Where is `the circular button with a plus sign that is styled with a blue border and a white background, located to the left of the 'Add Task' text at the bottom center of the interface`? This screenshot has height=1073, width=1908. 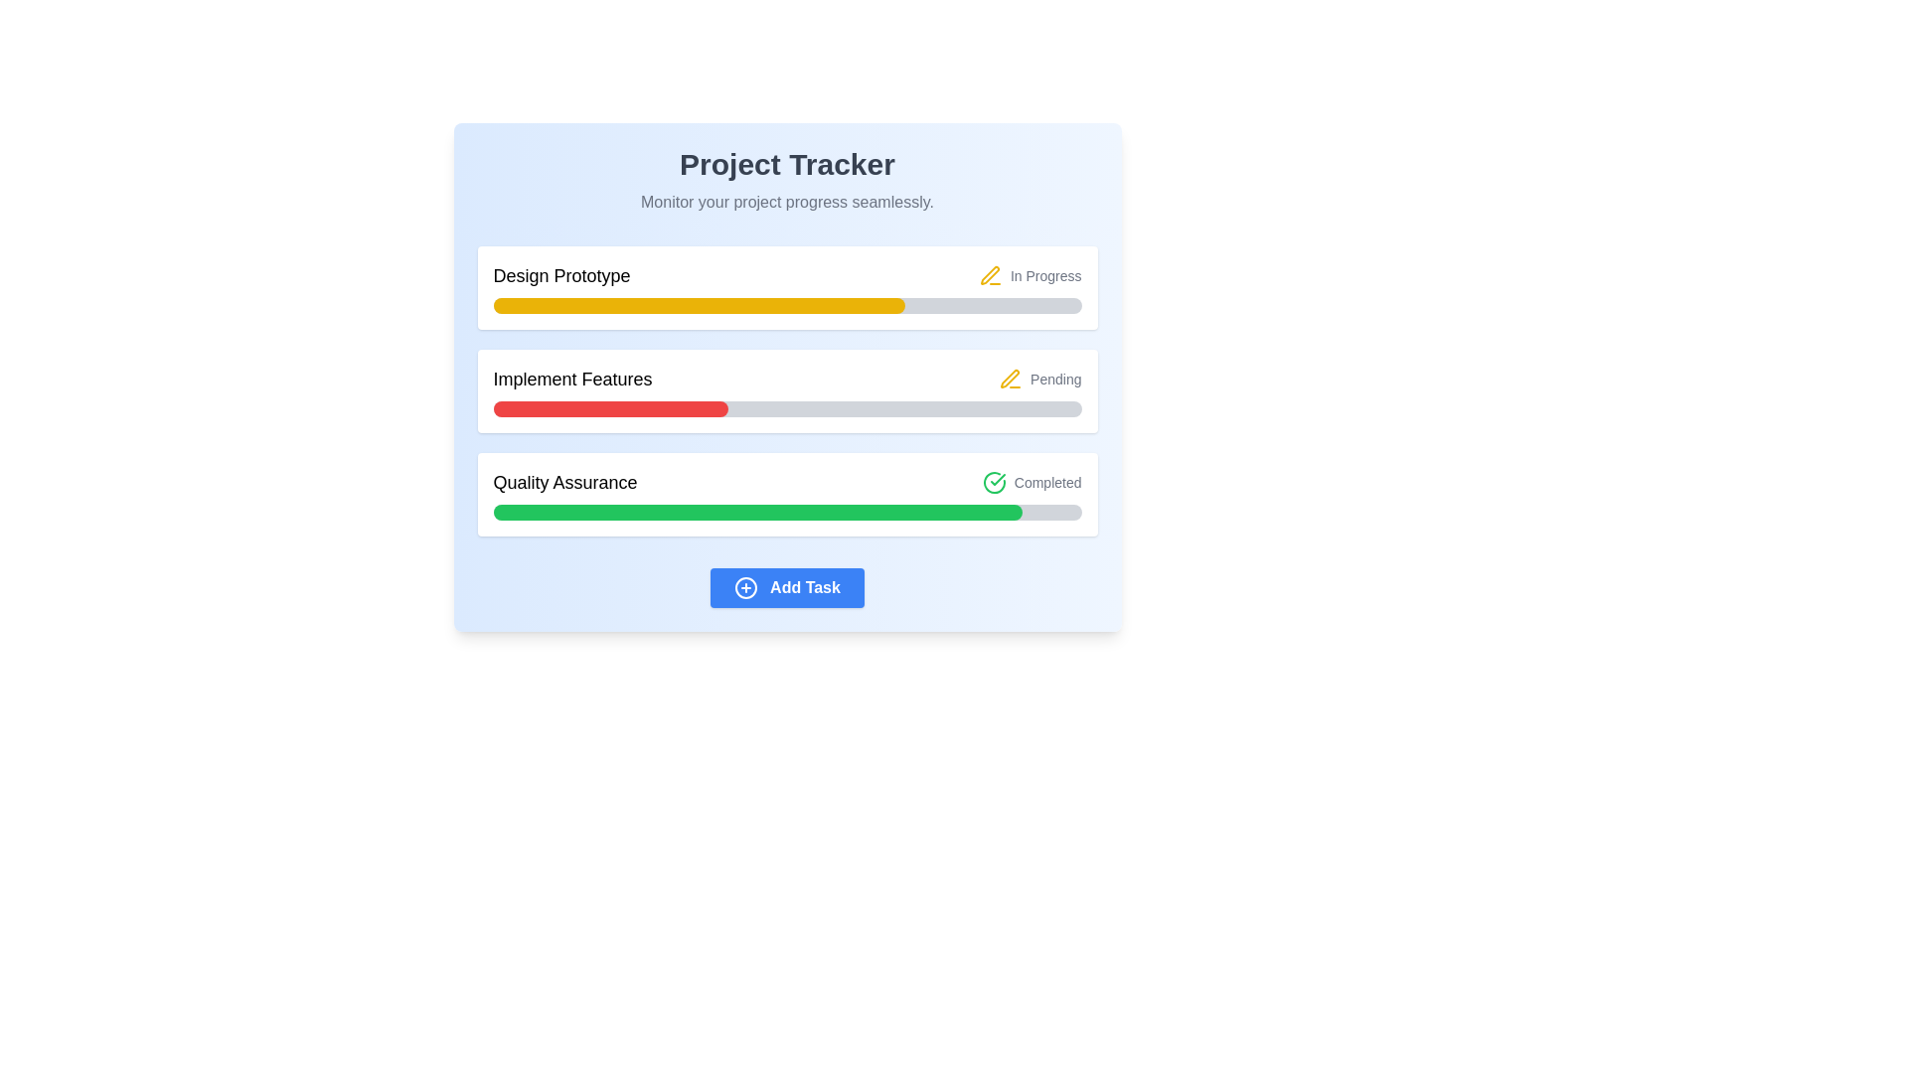
the circular button with a plus sign that is styled with a blue border and a white background, located to the left of the 'Add Task' text at the bottom center of the interface is located at coordinates (745, 586).